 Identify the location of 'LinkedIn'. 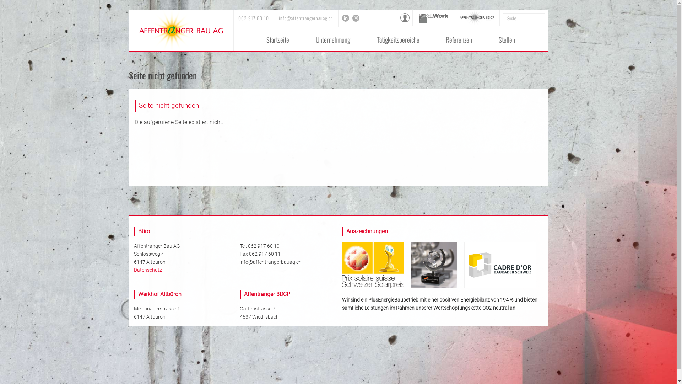
(346, 18).